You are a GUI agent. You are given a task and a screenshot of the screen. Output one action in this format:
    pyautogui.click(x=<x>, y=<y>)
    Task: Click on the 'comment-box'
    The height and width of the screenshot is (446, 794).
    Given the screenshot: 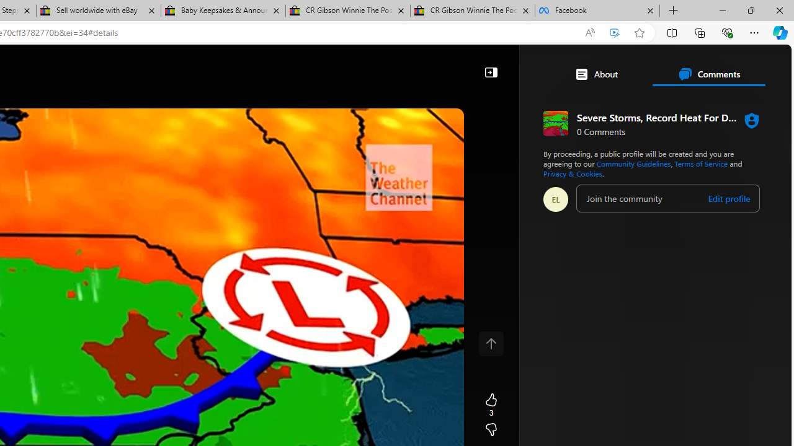 What is the action you would take?
    pyautogui.click(x=667, y=198)
    